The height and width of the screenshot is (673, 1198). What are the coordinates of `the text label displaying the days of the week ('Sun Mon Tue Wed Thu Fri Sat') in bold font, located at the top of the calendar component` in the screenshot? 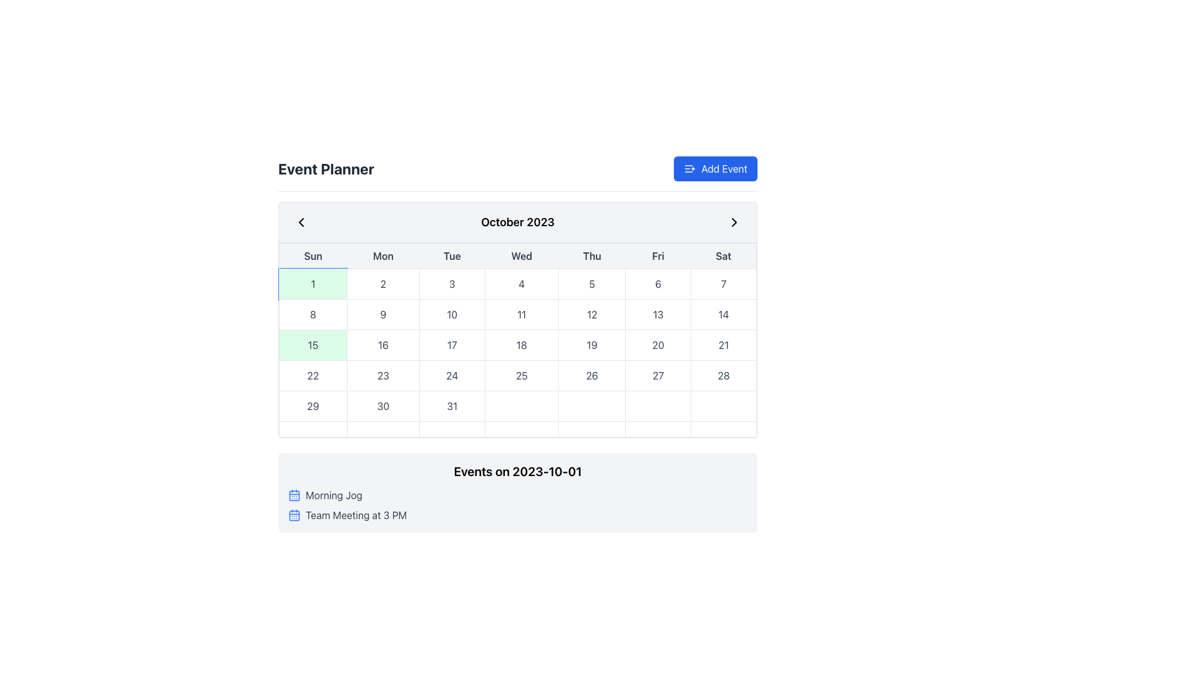 It's located at (518, 255).